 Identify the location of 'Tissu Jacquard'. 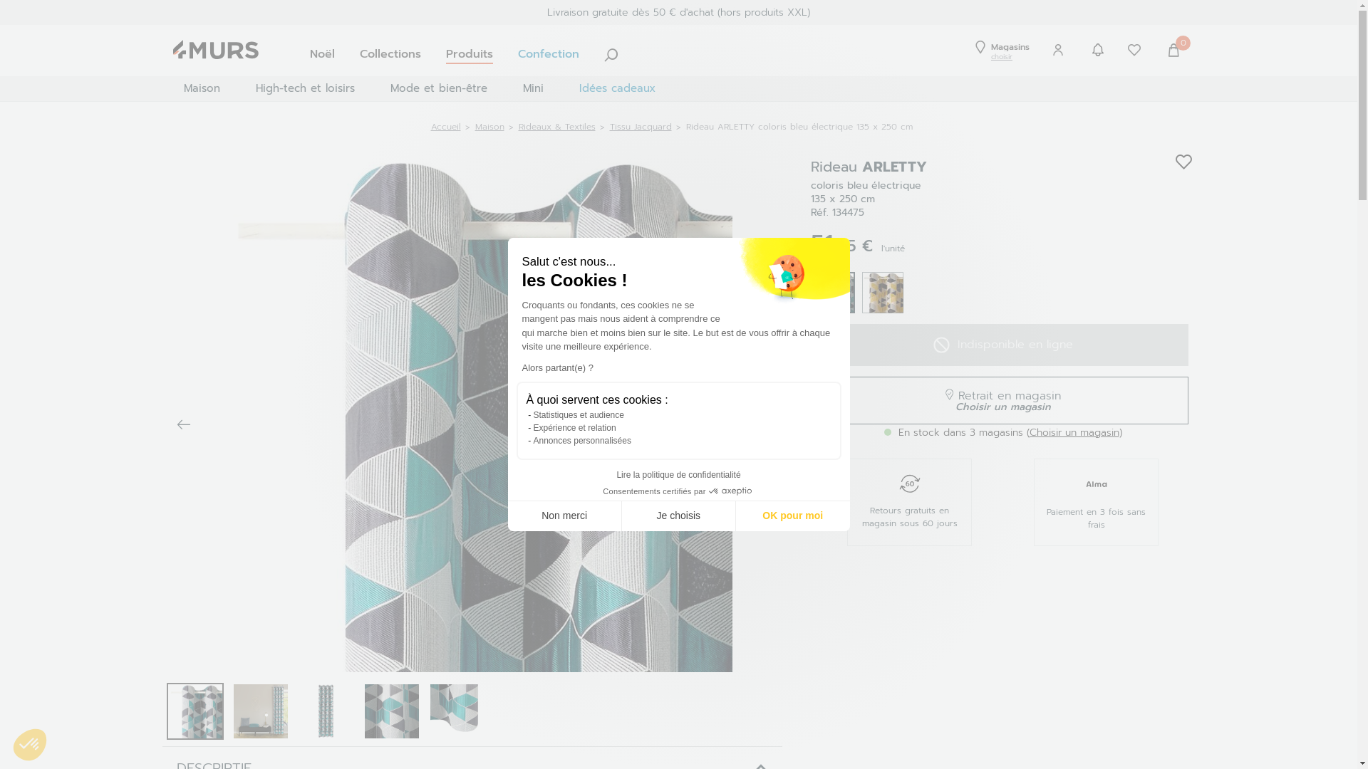
(640, 125).